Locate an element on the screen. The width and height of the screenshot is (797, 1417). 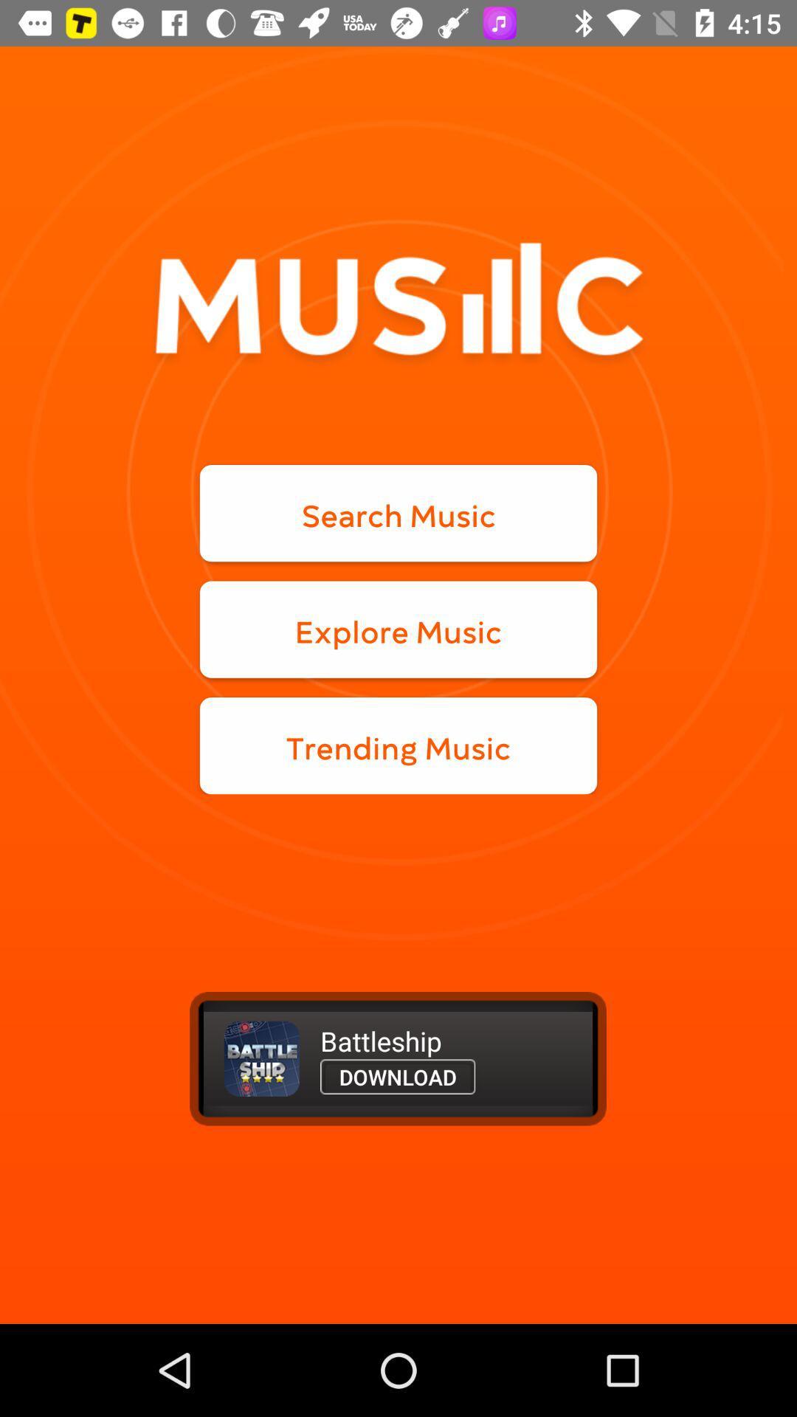
item below the explore music is located at coordinates (398, 745).